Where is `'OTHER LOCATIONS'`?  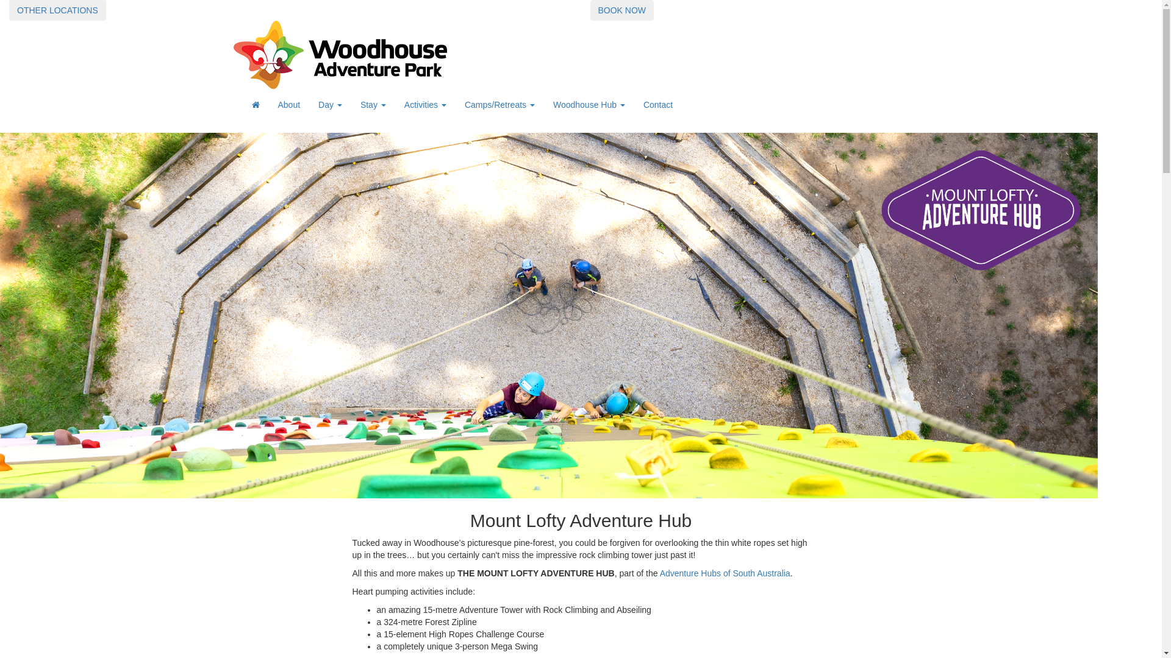 'OTHER LOCATIONS' is located at coordinates (57, 10).